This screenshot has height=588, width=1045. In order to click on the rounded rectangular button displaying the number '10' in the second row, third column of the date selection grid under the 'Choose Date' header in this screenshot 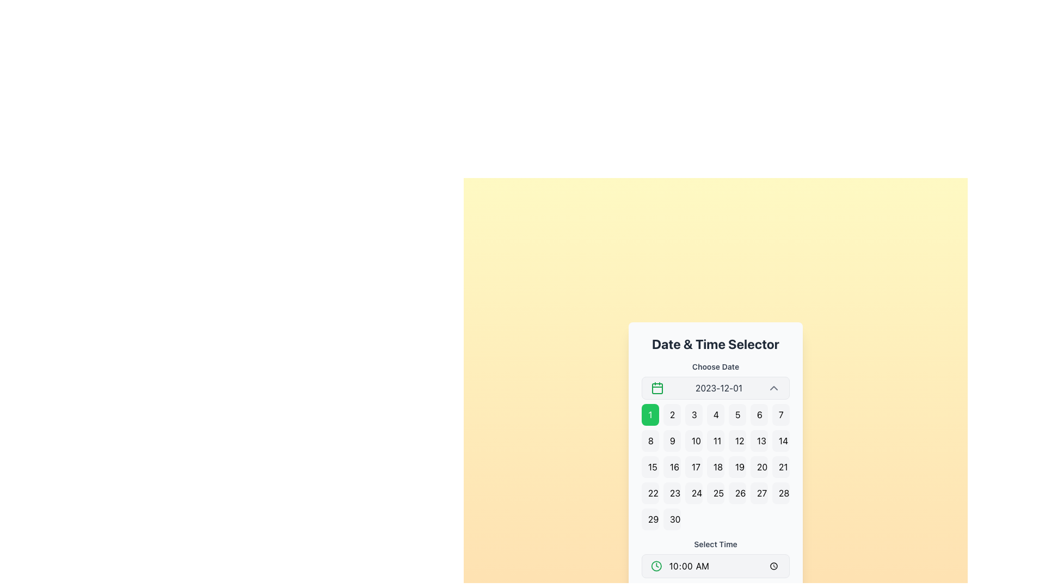, I will do `click(693, 441)`.